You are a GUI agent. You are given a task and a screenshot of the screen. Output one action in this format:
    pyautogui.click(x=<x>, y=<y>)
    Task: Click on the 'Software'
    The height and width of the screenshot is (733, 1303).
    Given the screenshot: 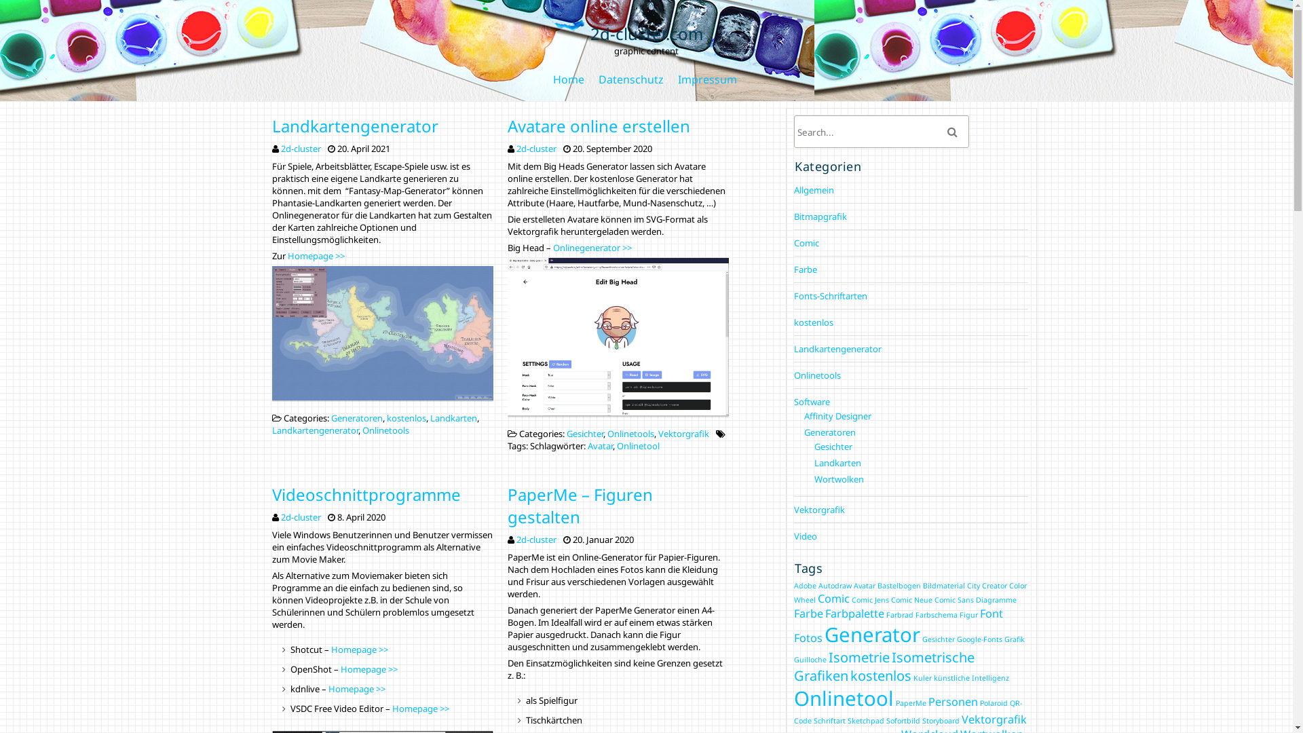 What is the action you would take?
    pyautogui.click(x=812, y=400)
    